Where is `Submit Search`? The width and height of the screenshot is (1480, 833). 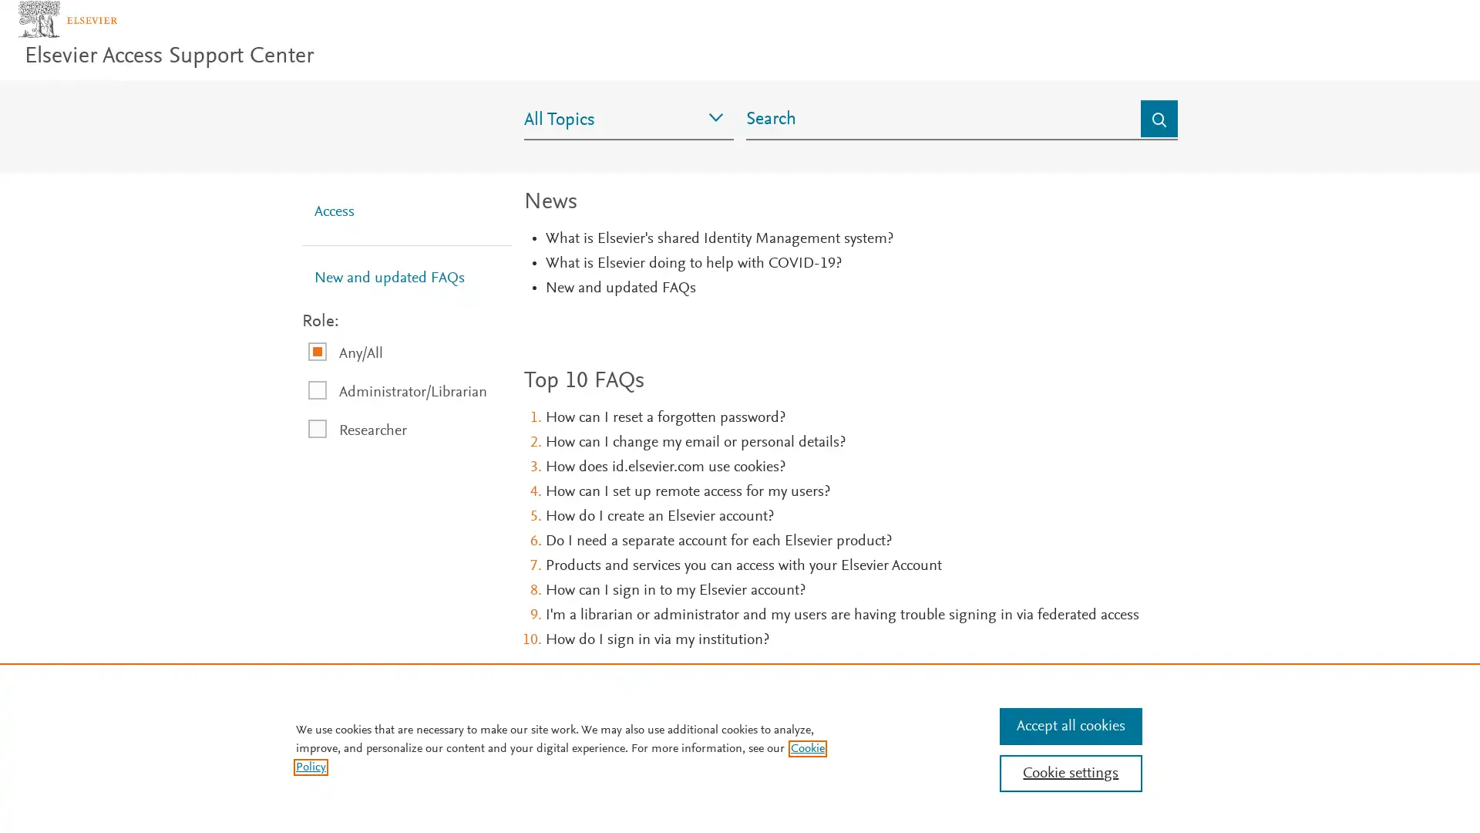 Submit Search is located at coordinates (1159, 143).